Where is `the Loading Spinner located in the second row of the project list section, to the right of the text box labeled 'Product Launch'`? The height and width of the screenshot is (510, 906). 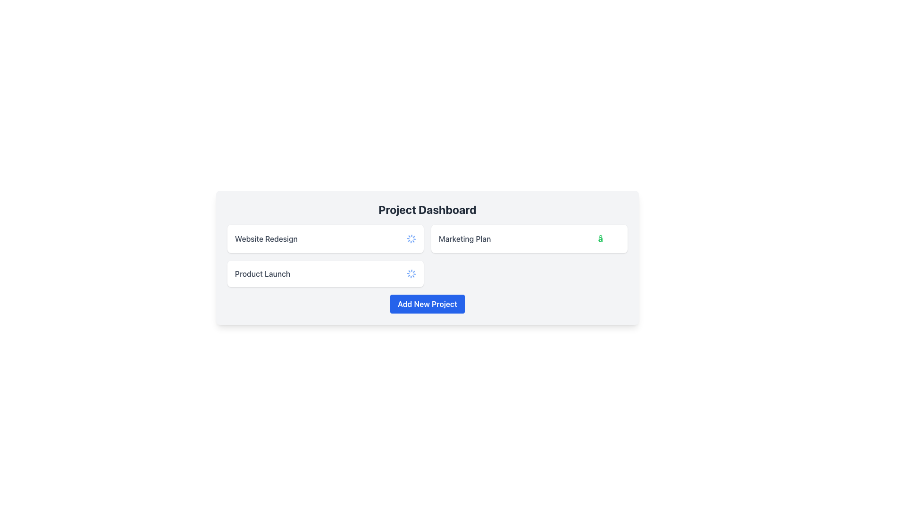 the Loading Spinner located in the second row of the project list section, to the right of the text box labeled 'Product Launch' is located at coordinates (411, 273).